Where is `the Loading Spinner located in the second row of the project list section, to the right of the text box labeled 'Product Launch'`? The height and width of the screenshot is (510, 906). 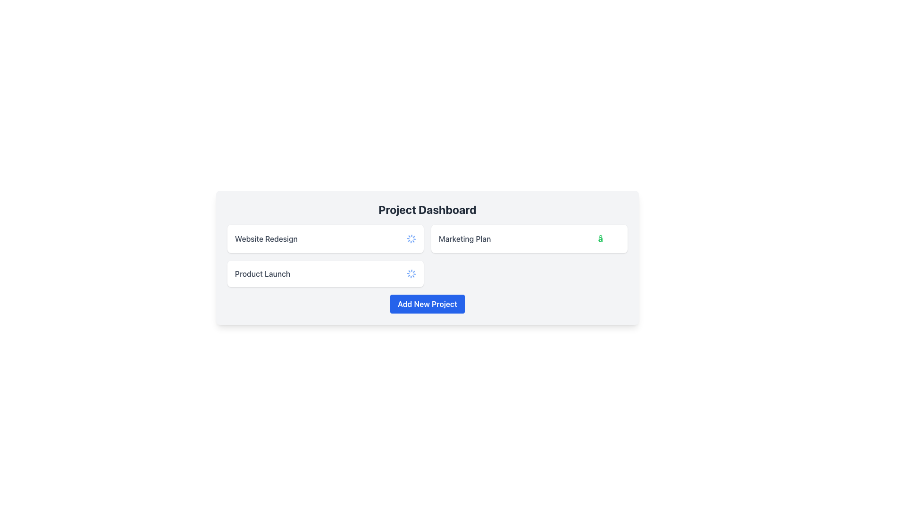 the Loading Spinner located in the second row of the project list section, to the right of the text box labeled 'Product Launch' is located at coordinates (411, 273).